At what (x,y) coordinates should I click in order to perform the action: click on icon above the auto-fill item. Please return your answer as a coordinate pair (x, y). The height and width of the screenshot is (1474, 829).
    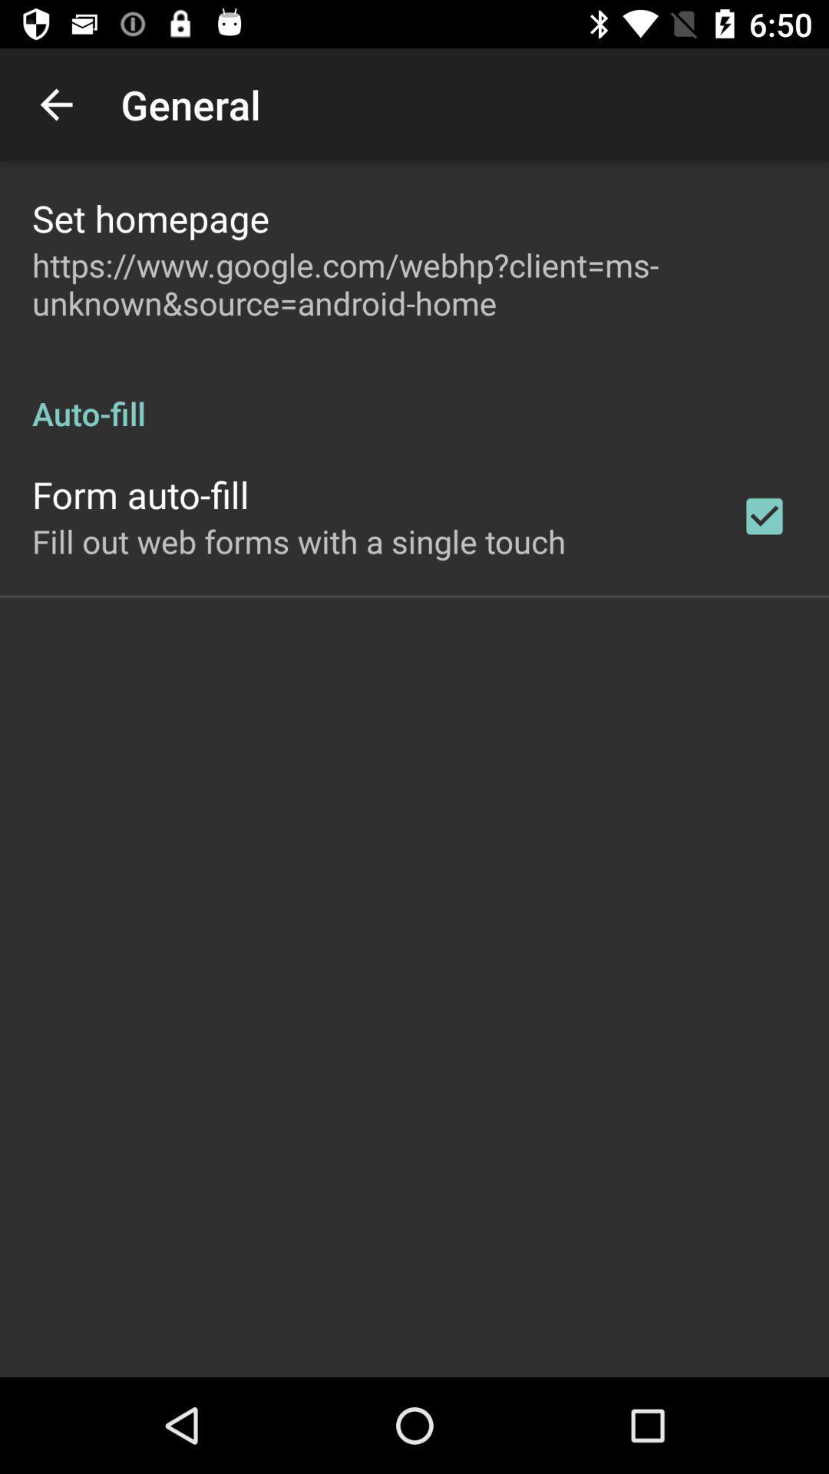
    Looking at the image, I should click on (414, 283).